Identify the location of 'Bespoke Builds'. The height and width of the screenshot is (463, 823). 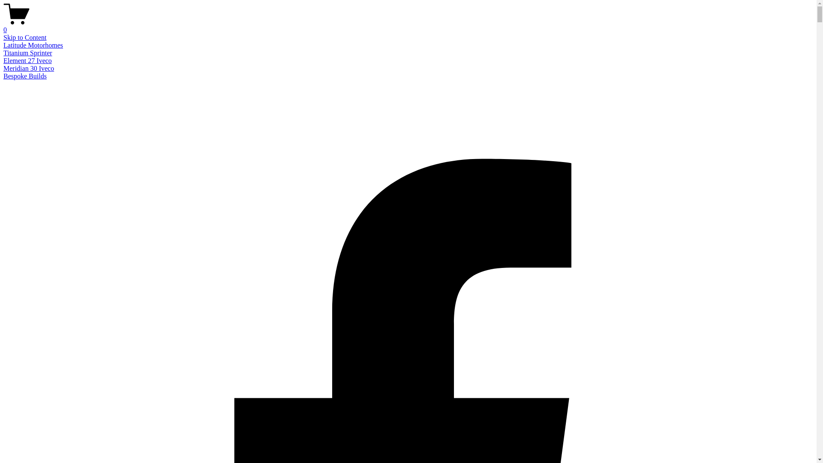
(25, 75).